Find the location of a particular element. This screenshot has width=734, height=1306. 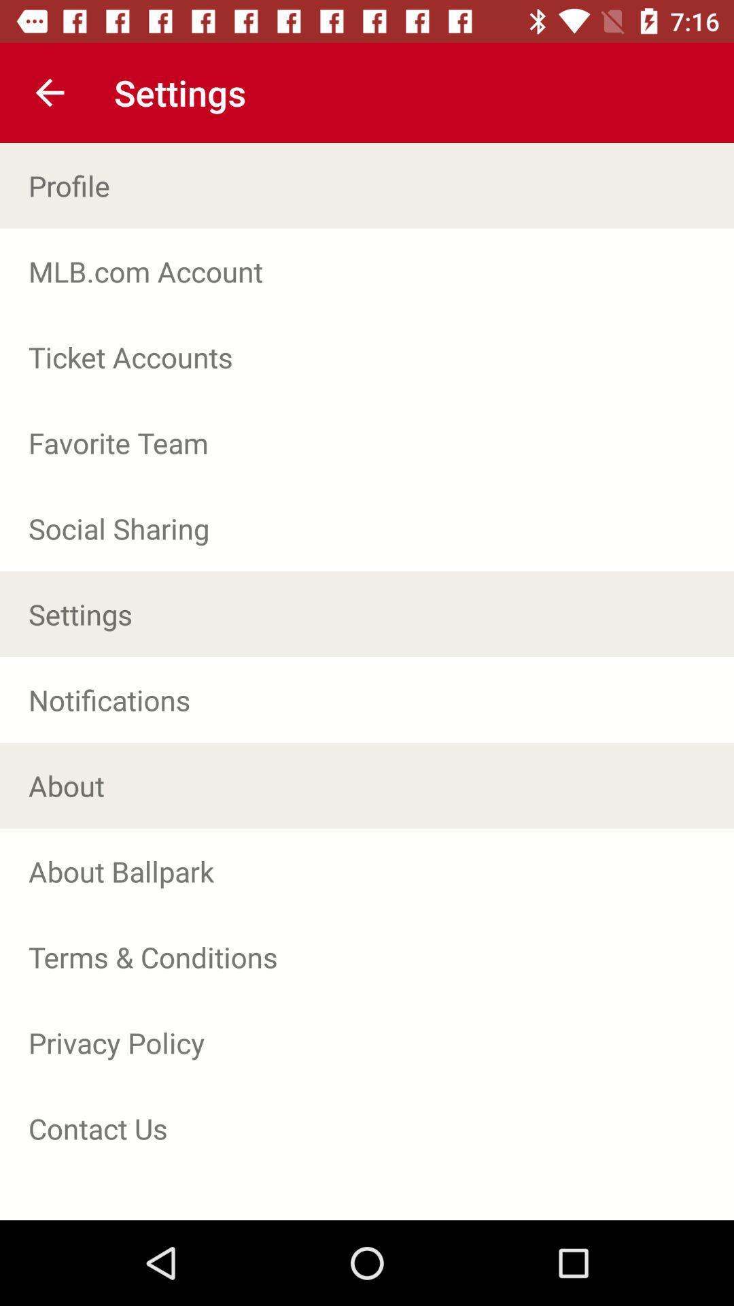

icon next to the settings item is located at coordinates (49, 92).